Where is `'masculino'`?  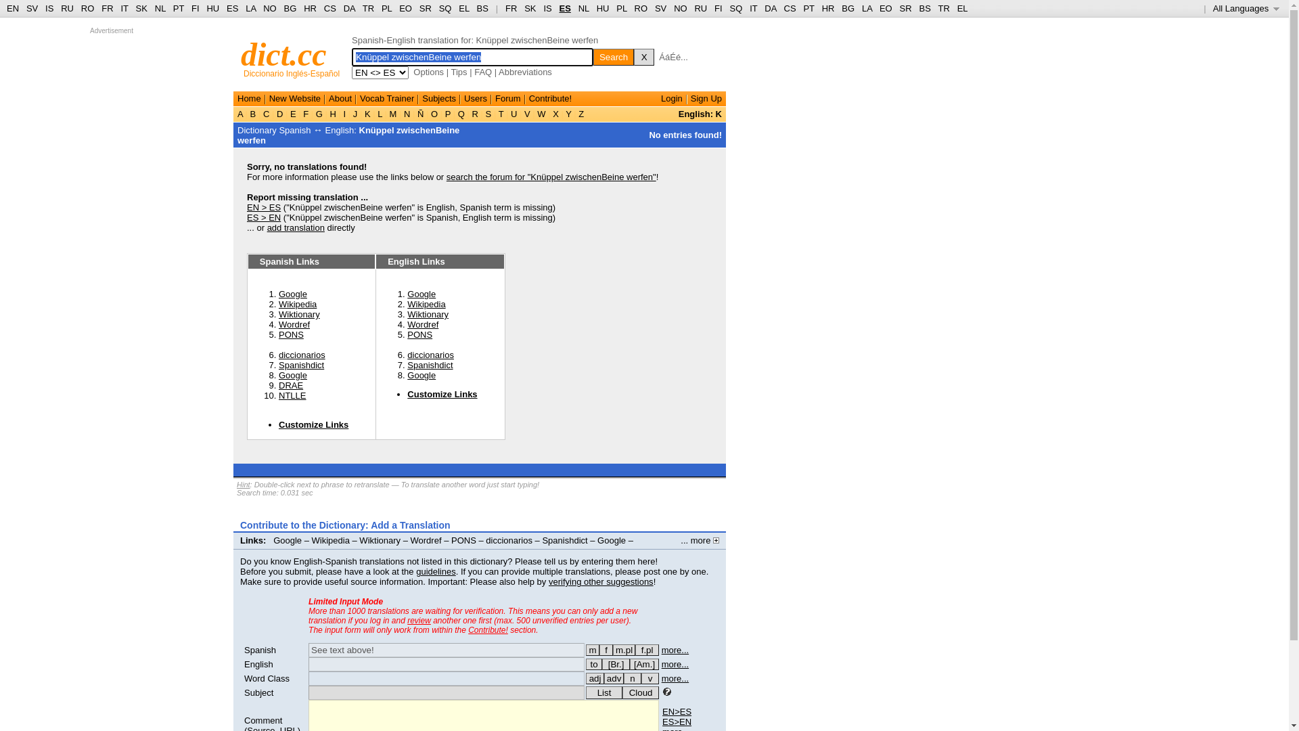
'masculino' is located at coordinates (593, 649).